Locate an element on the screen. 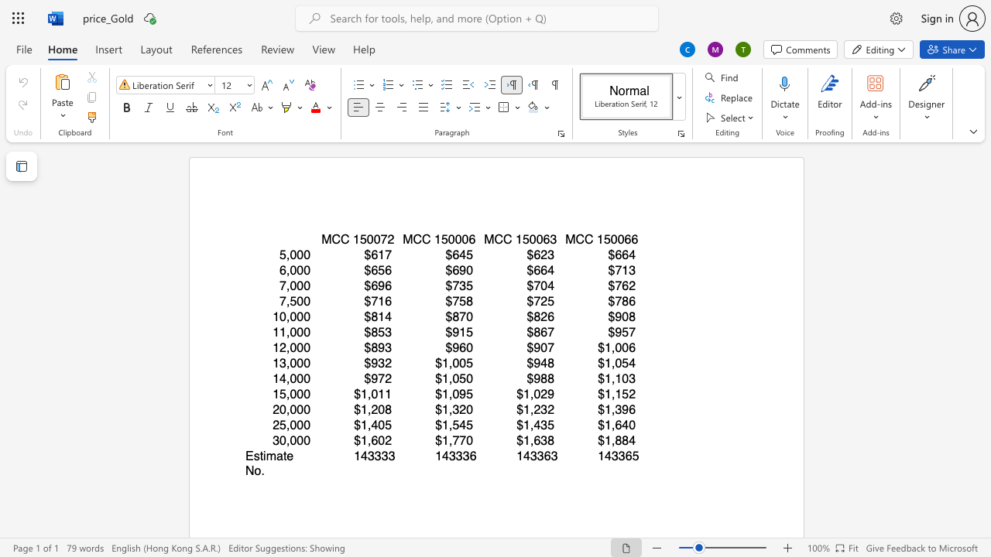 The height and width of the screenshot is (557, 991). the 1th character "2" in the text is located at coordinates (390, 239).